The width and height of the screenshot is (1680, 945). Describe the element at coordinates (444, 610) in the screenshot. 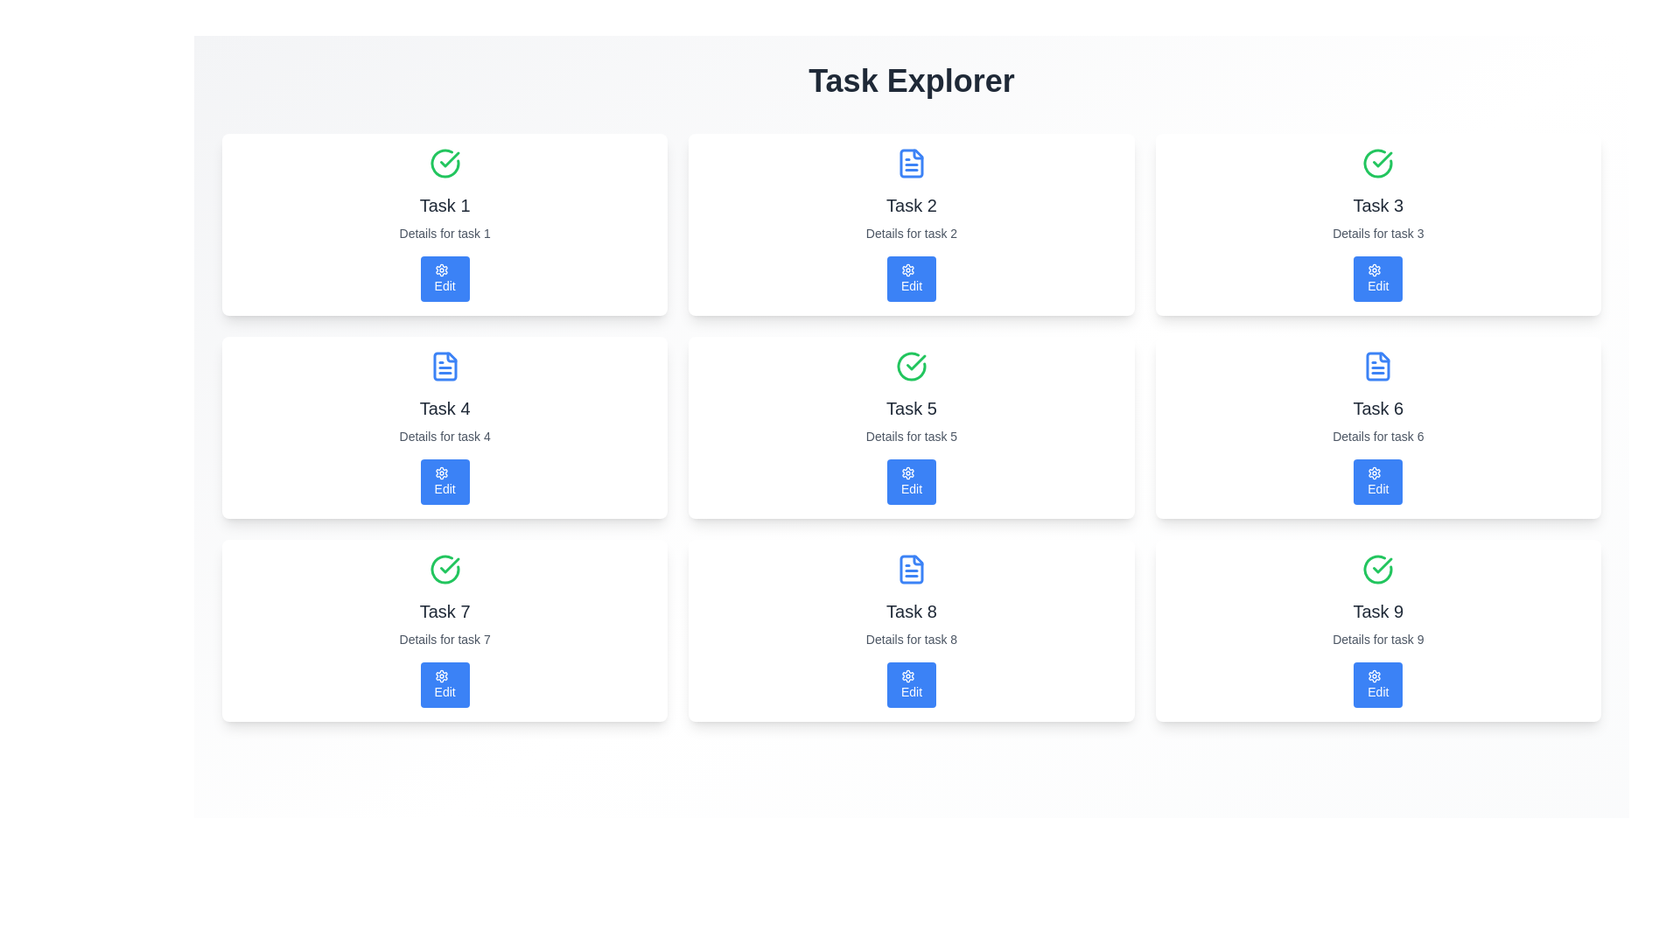

I see `the 'Task 7' text label located in the 'Task Explorer' interface, which is styled in bold and large font, situated in the third row and first column of the grid layout` at that location.